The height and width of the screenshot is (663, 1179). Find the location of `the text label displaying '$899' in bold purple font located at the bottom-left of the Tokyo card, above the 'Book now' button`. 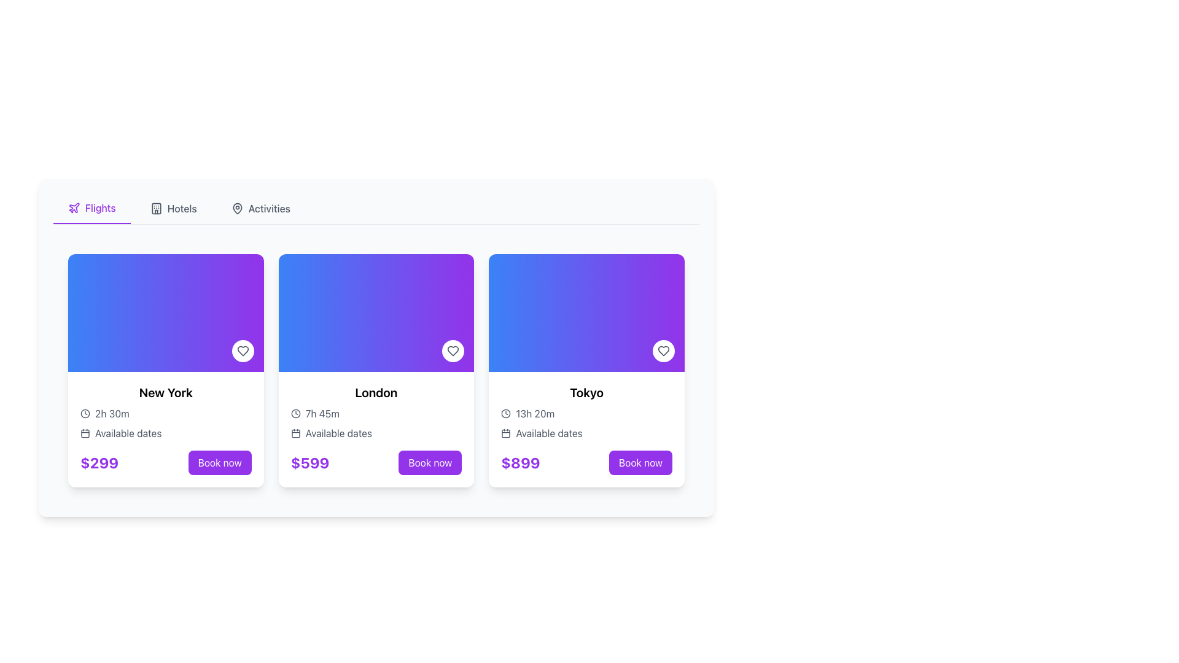

the text label displaying '$899' in bold purple font located at the bottom-left of the Tokyo card, above the 'Book now' button is located at coordinates (520, 462).